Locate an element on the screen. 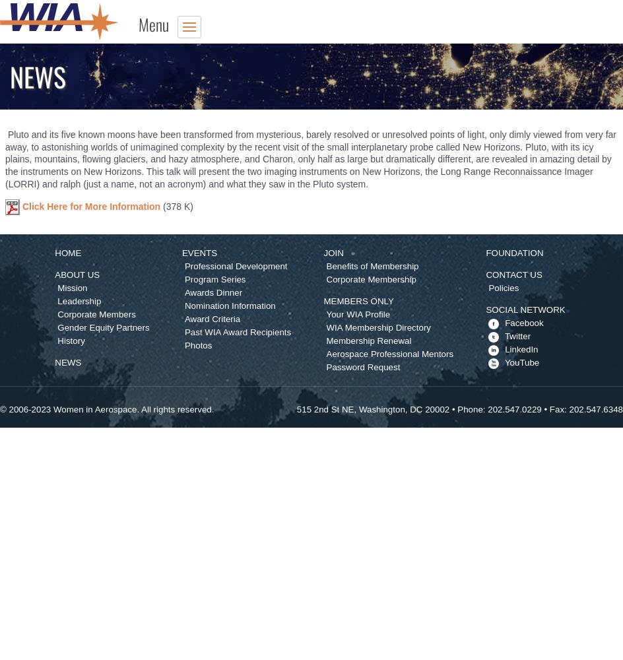 The image size is (623, 660). 'YouTube' is located at coordinates (521, 362).